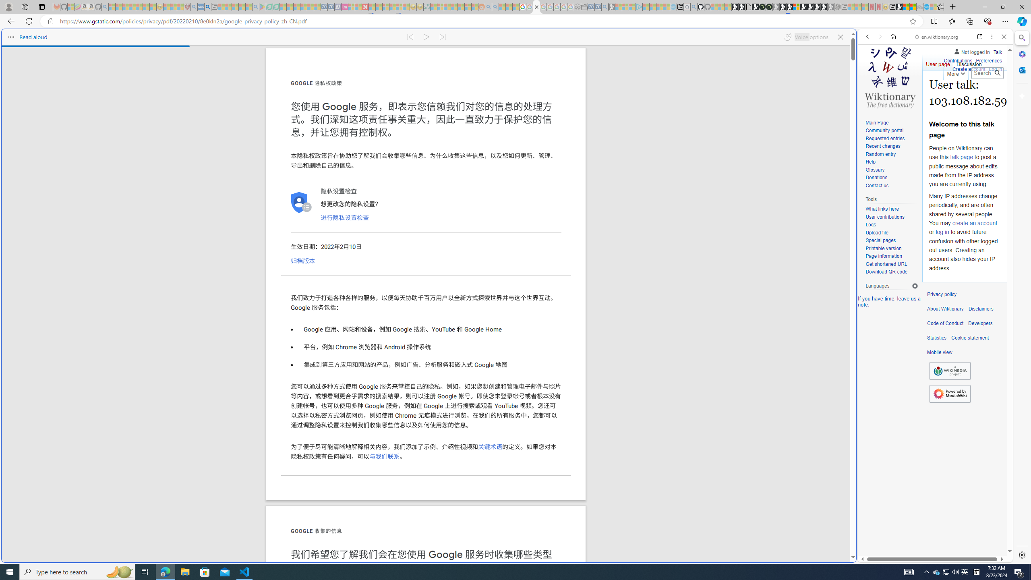 Image resolution: width=1031 pixels, height=580 pixels. What do you see at coordinates (180, 6) in the screenshot?
I see `'Local - MSN - Sleeping'` at bounding box center [180, 6].